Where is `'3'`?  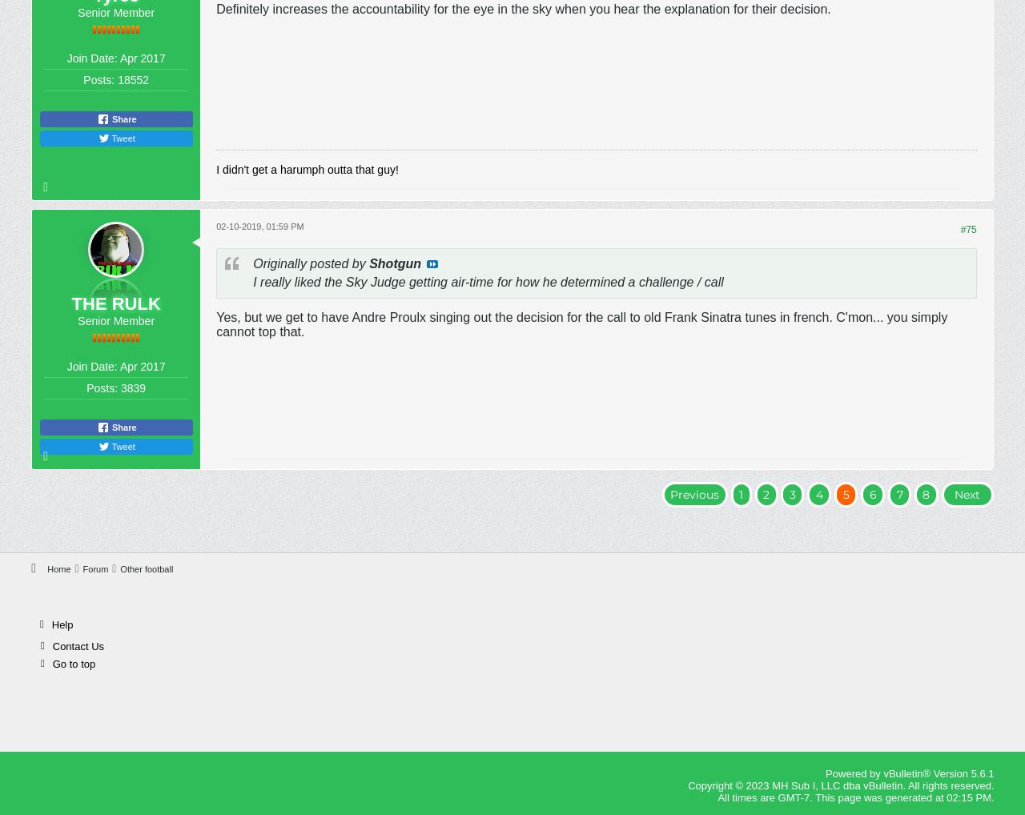
'3' is located at coordinates (792, 493).